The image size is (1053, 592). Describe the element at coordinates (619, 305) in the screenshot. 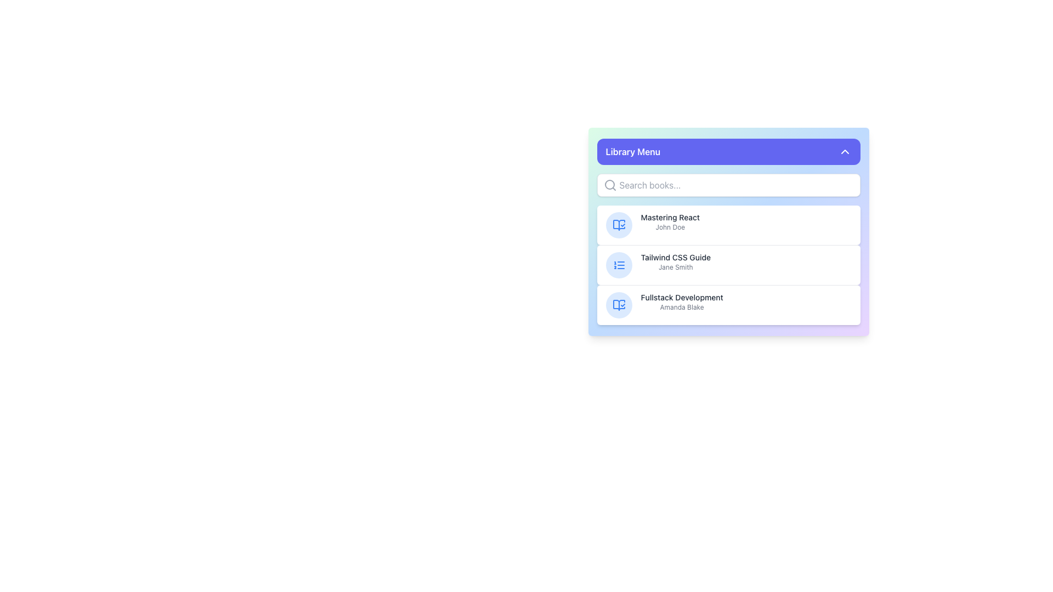

I see `the visual indicator icon associated with the book entry 'Mastering React'` at that location.